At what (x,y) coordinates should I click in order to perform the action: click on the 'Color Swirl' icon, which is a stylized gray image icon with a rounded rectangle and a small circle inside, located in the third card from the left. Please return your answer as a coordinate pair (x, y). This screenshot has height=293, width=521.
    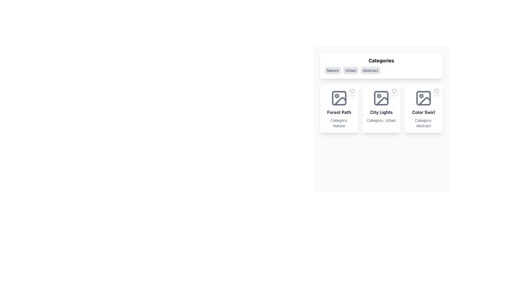
    Looking at the image, I should click on (423, 98).